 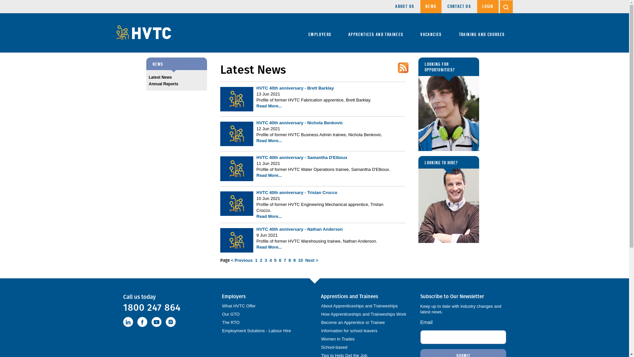 What do you see at coordinates (311, 260) in the screenshot?
I see `'Next >'` at bounding box center [311, 260].